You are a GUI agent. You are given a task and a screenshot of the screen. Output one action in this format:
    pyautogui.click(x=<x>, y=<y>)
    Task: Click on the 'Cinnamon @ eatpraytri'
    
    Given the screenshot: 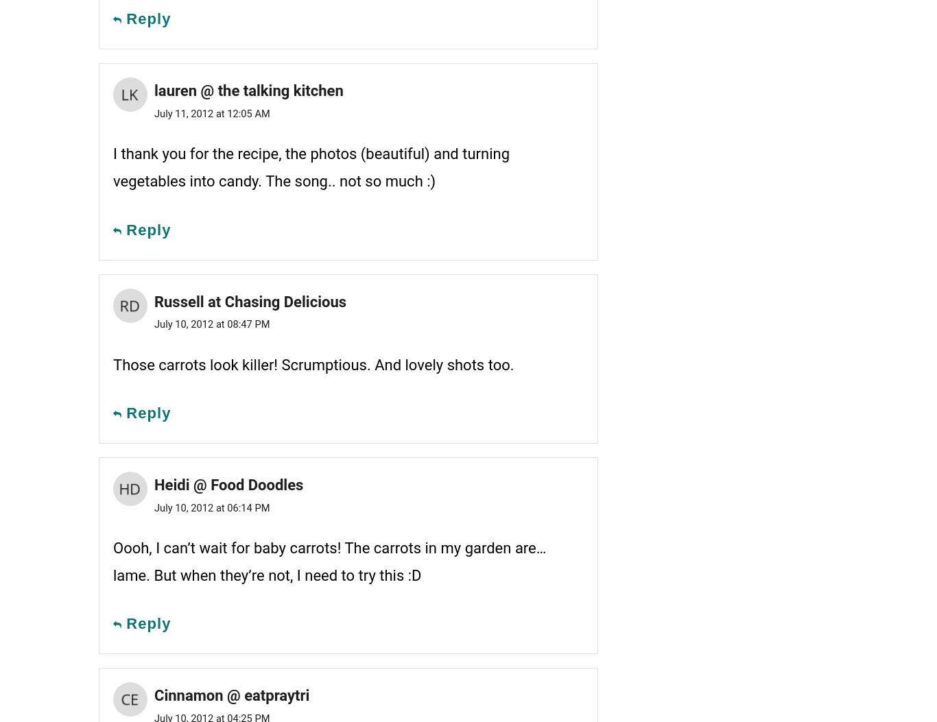 What is the action you would take?
    pyautogui.click(x=231, y=695)
    